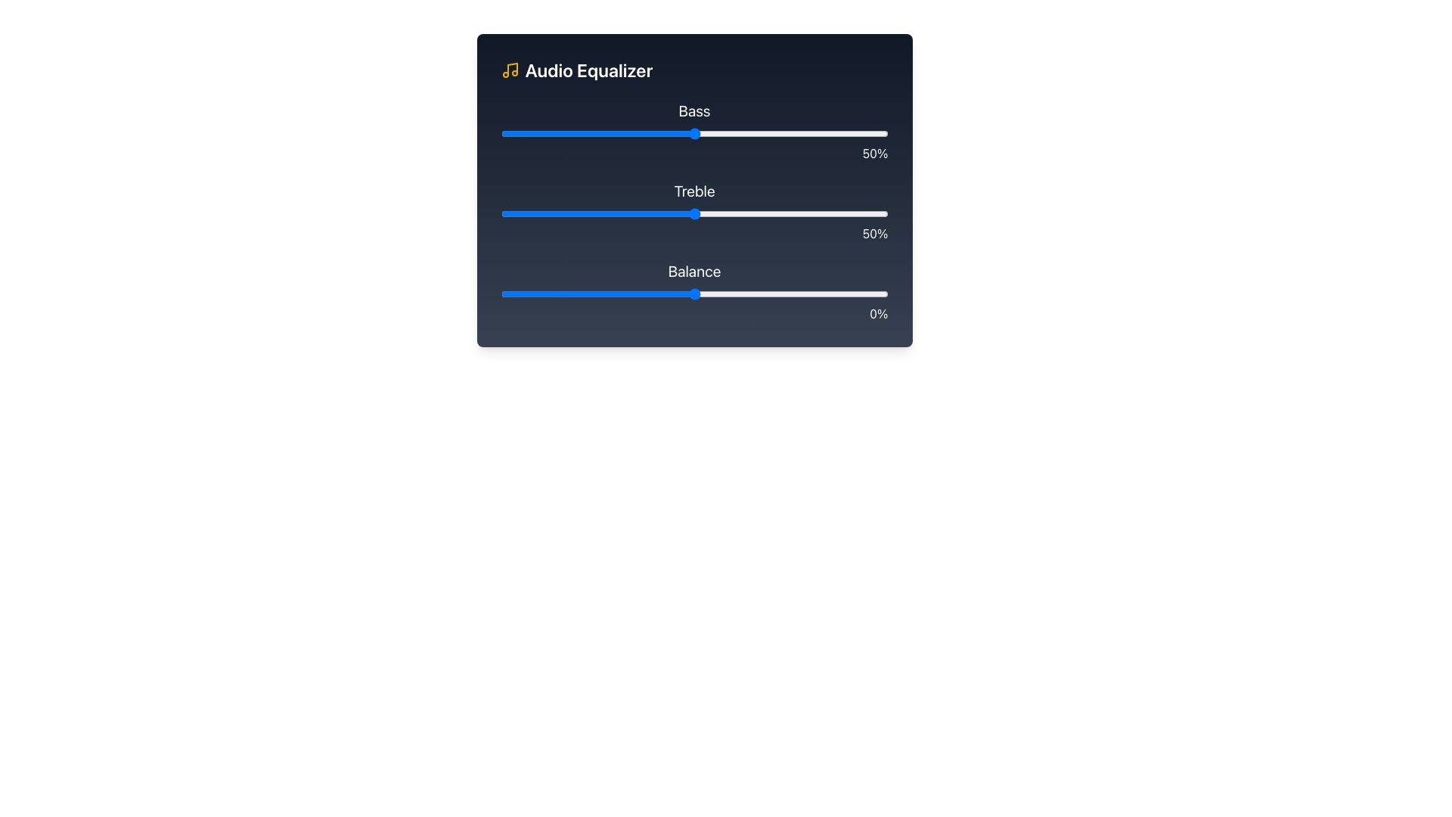 The image size is (1452, 817). I want to click on the treble level, so click(597, 213).